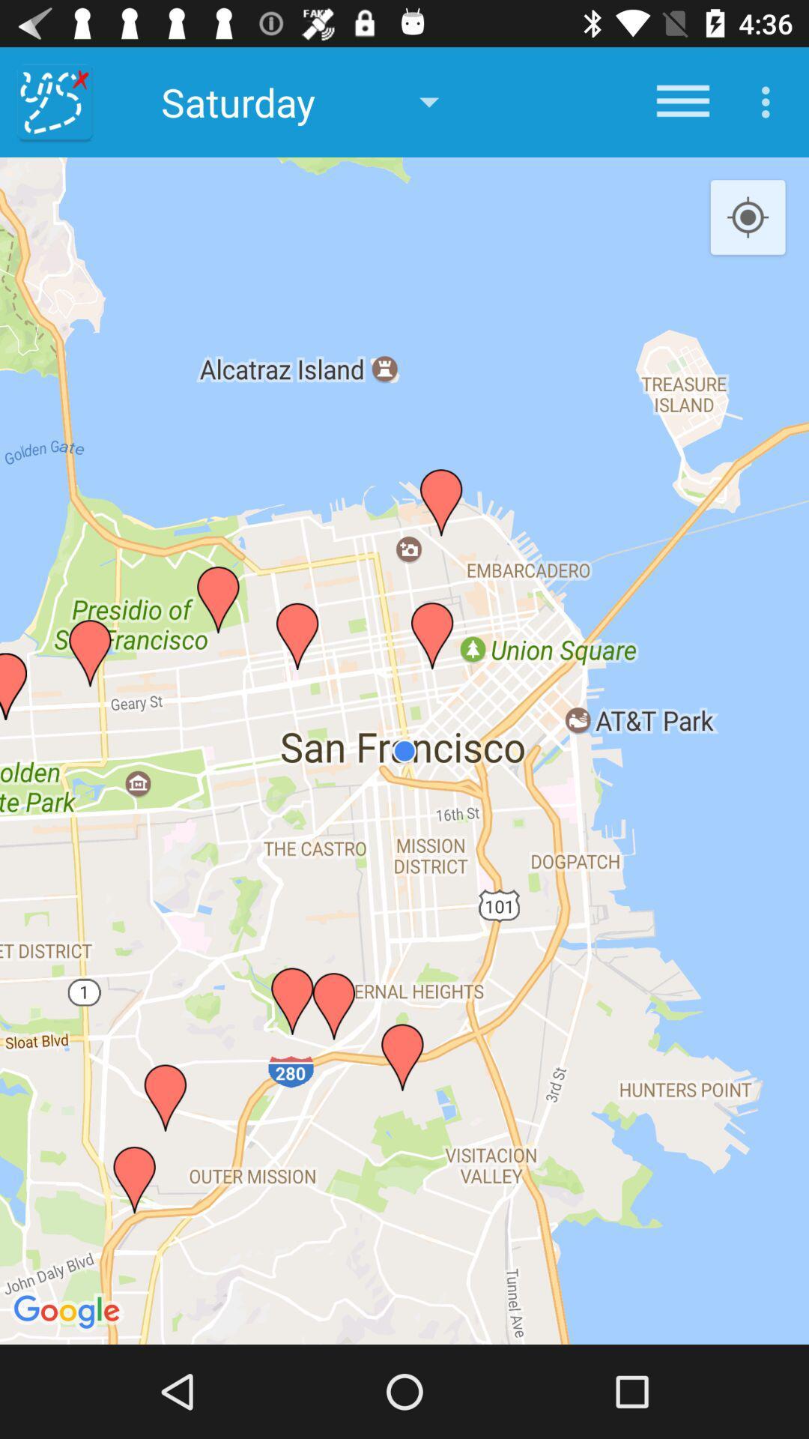 The height and width of the screenshot is (1439, 809). I want to click on the location_crosshair icon, so click(748, 217).